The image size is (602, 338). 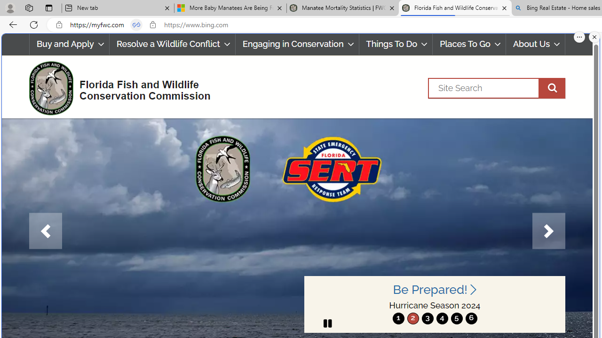 What do you see at coordinates (50, 88) in the screenshot?
I see `'FWC Logo'` at bounding box center [50, 88].